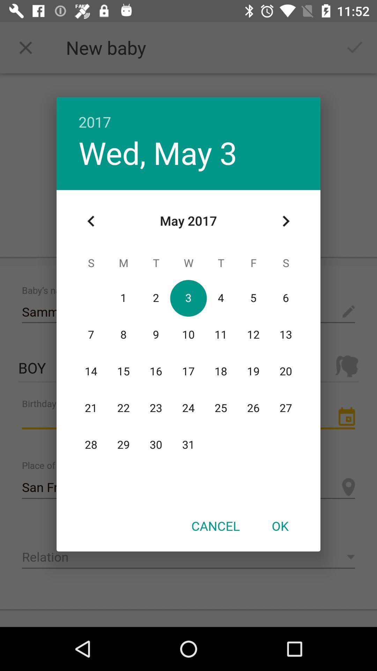  What do you see at coordinates (91, 221) in the screenshot?
I see `the item below wed, may 3 item` at bounding box center [91, 221].